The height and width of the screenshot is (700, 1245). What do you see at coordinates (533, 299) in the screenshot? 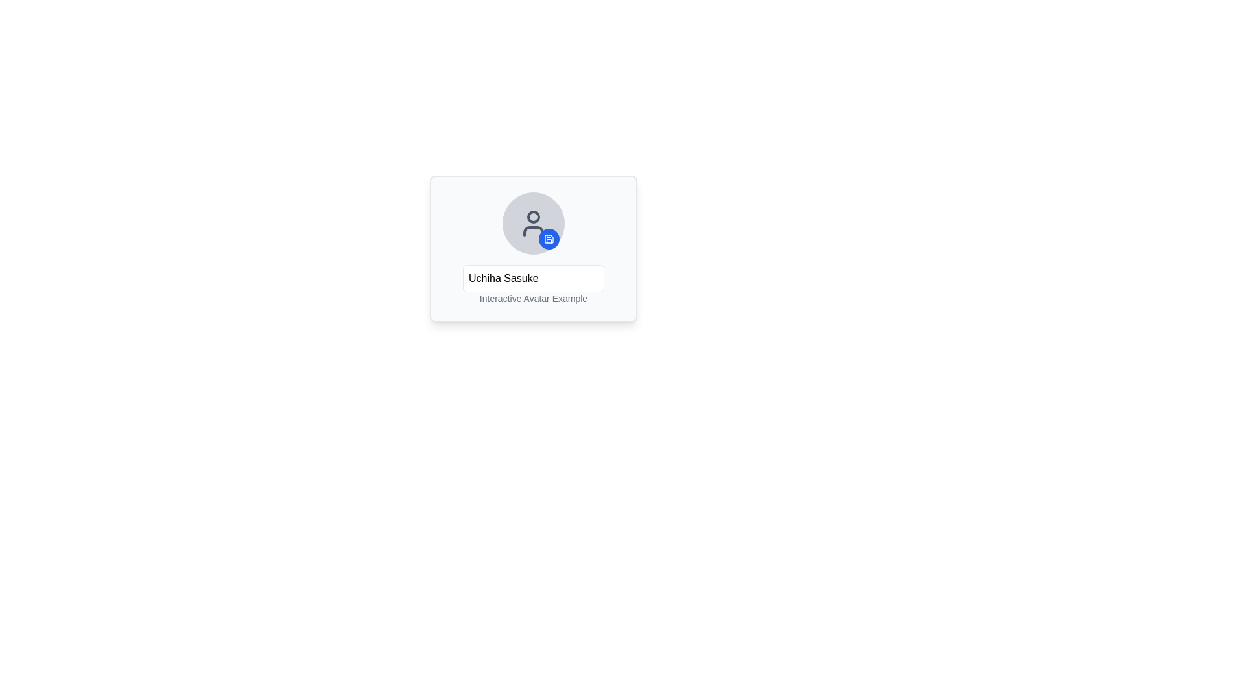
I see `text from the small light gray text label that reads 'Interactive Avatar Example', positioned under the rounded rectangle labeled 'Uchiha Sasuke'` at bounding box center [533, 299].